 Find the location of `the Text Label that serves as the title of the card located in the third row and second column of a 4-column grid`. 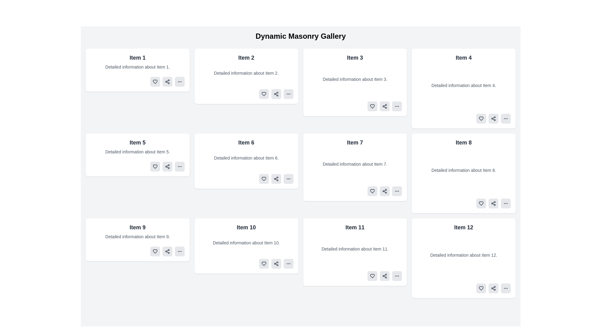

the Text Label that serves as the title of the card located in the third row and second column of a 4-column grid is located at coordinates (246, 227).